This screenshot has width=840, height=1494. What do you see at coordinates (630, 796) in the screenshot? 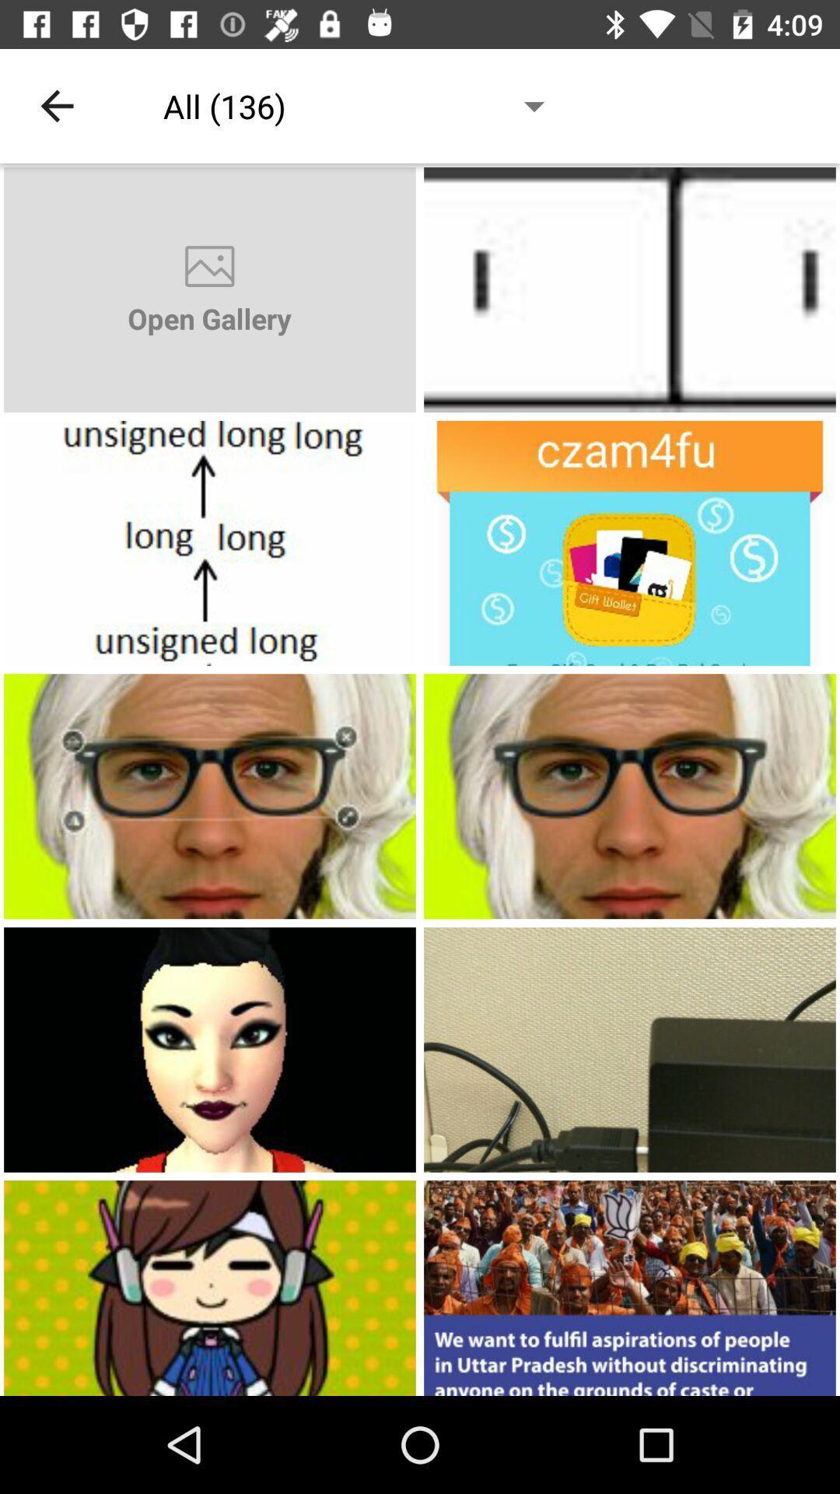
I see `open photo` at bounding box center [630, 796].